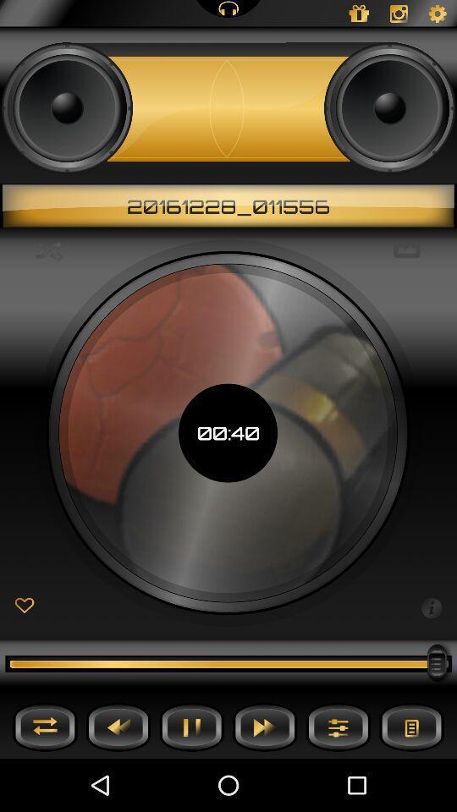 This screenshot has width=457, height=812. What do you see at coordinates (265, 726) in the screenshot?
I see `fast forward button` at bounding box center [265, 726].